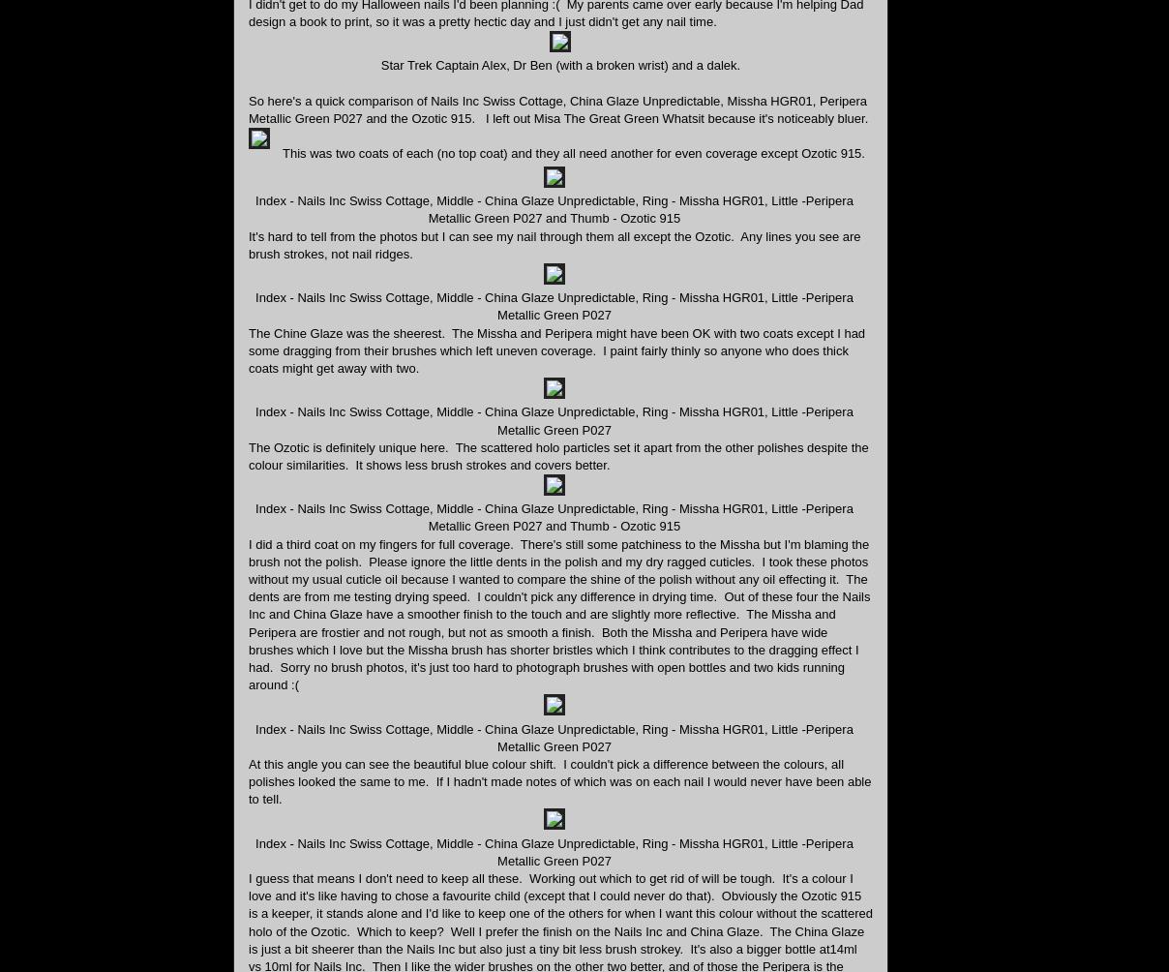 The height and width of the screenshot is (972, 1169). I want to click on 'I did a third coat on my fingers for full coverage.  There's still some patchiness to the Missha but I'm blaming the brush not the polish.  Please ignore the little dents in the polish and my dry ragged cuticles.  I took these photos without my usual cuticle oil because I wanted to compare the shine of the polish without any oil effecting it.  The dents are from me testing drying speed.  I couldn't pick any difference in drying time.  Out of these four the Nails Inc and China Glaze have a smoother finish to the touch and are slightly more reflective.  The Missha and Peripera are frostier and not rough, but not as smooth a finish.  Both the Missha and Peripera have wide brushes which I love but the Missha brush has shorter bristles which I think contributes to the dragging effect I had.  Sorry no brush photos, it's just too hard to photograph brushes with open bottles and two kids running around :(', so click(559, 613).